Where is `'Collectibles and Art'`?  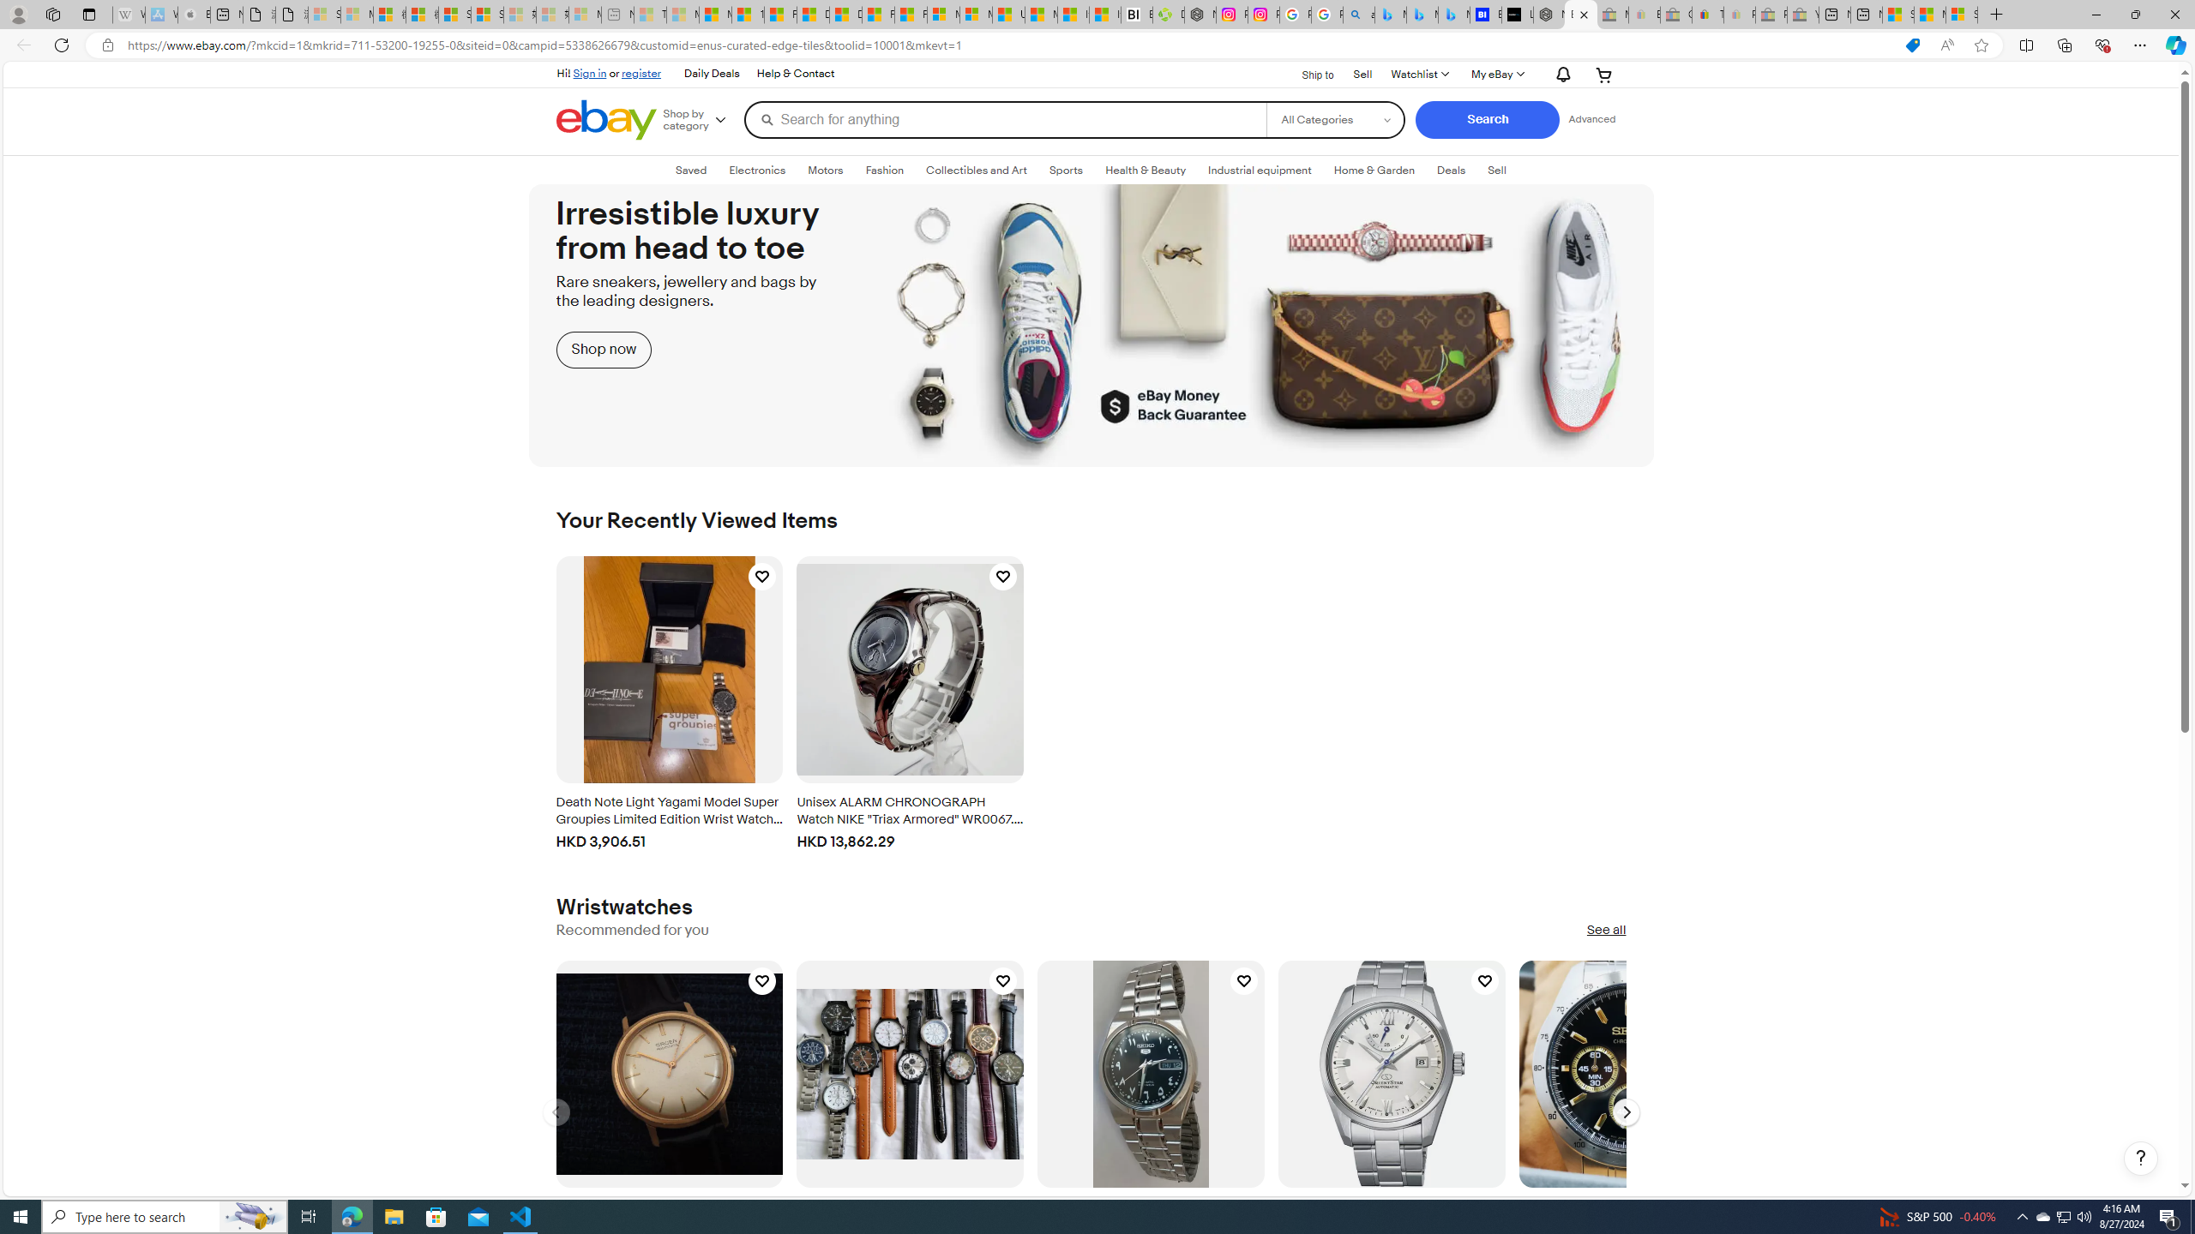
'Collectibles and Art' is located at coordinates (976, 171).